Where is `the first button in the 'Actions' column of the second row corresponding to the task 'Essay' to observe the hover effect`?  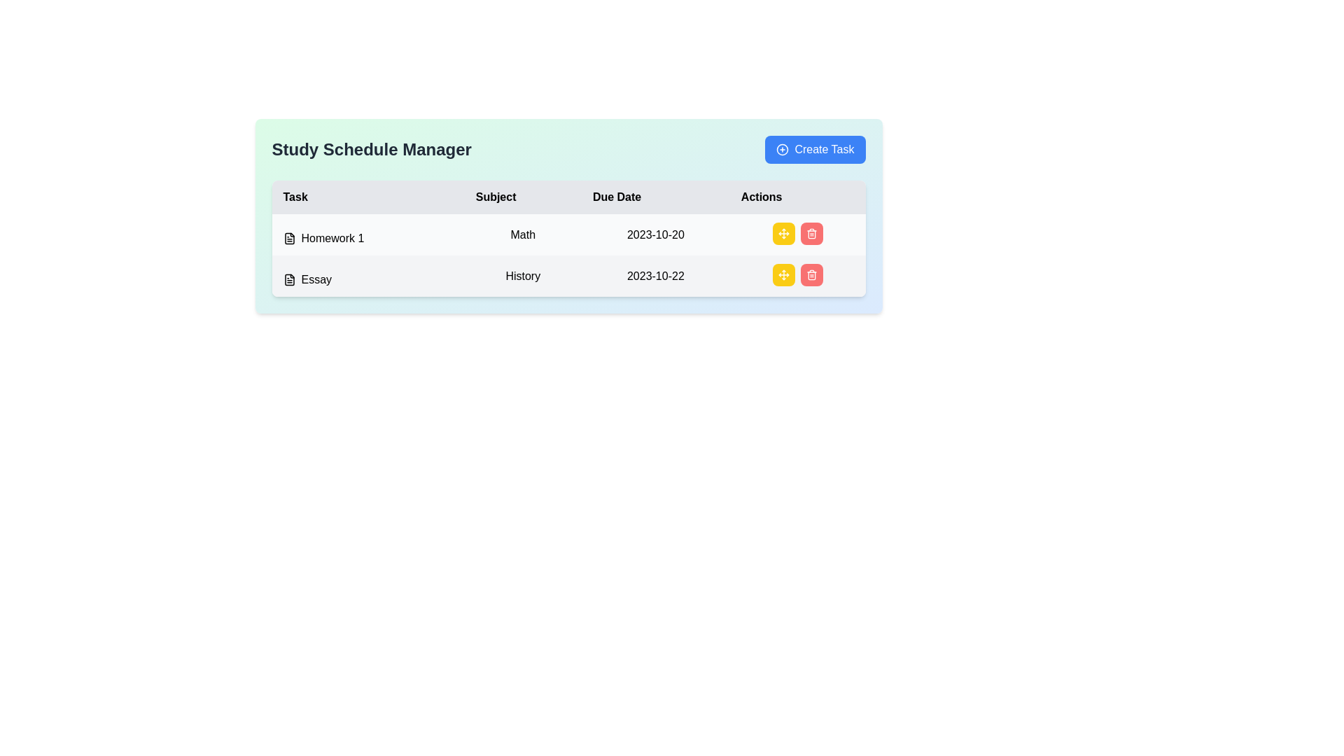
the first button in the 'Actions' column of the second row corresponding to the task 'Essay' to observe the hover effect is located at coordinates (783, 275).